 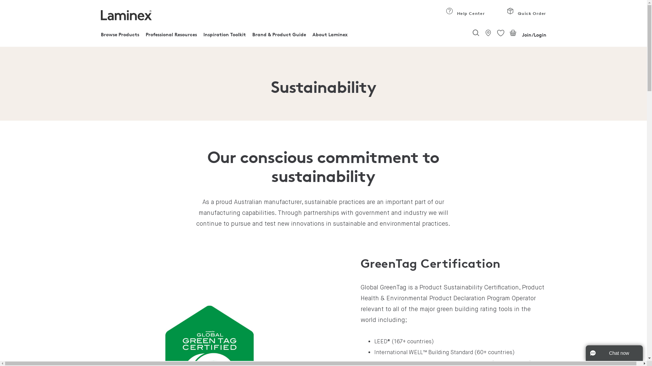 I want to click on 'Help Center', so click(x=465, y=15).